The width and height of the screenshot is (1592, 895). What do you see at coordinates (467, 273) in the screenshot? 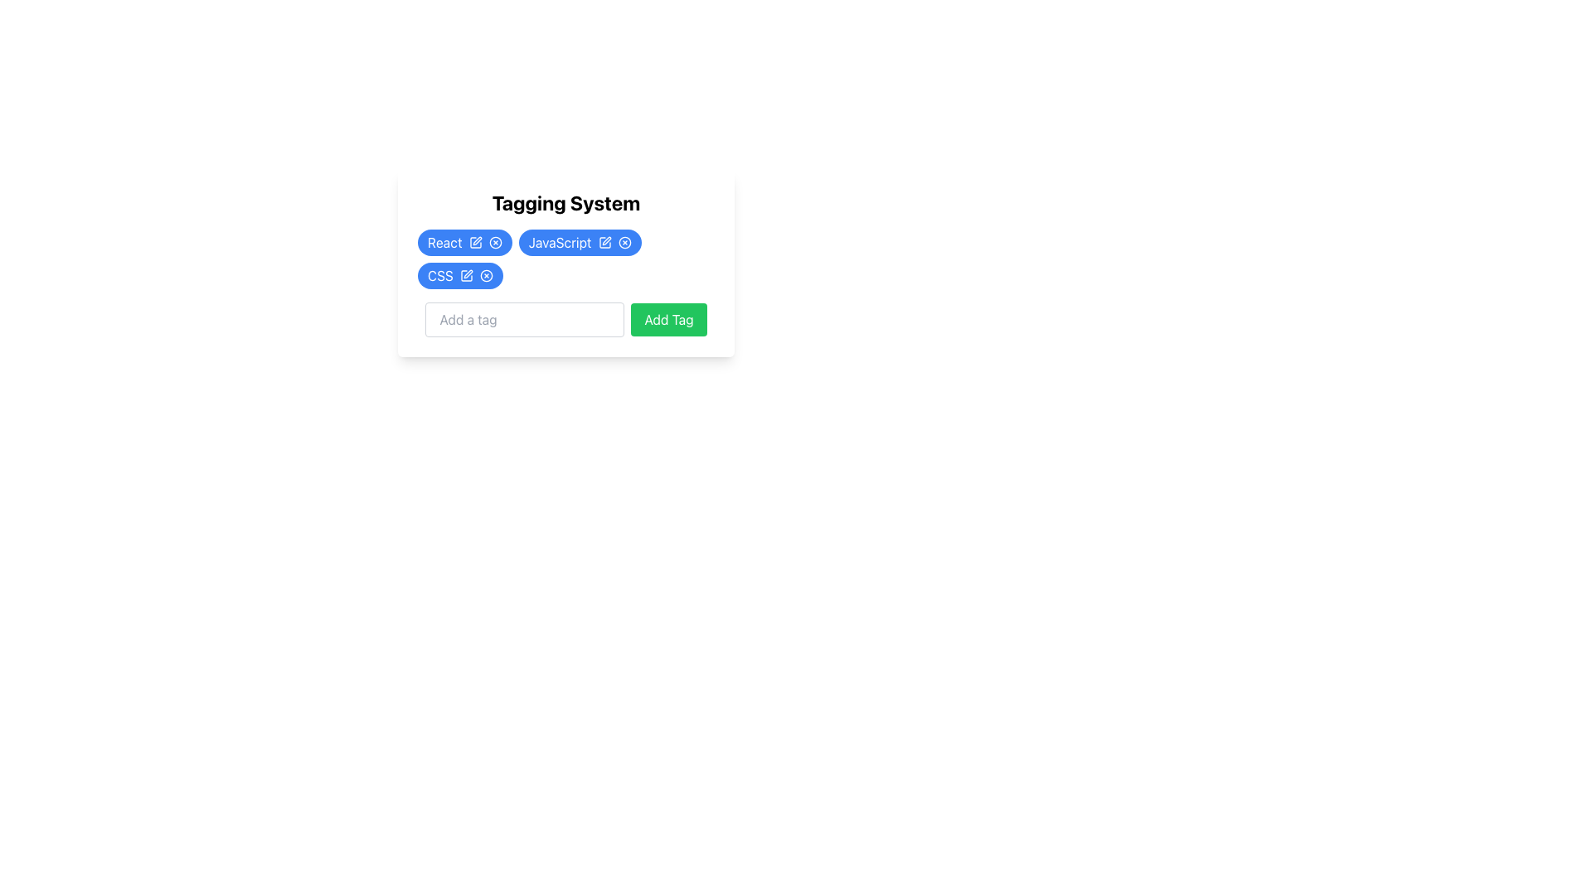
I see `the edit icon associated with the 'CSS' tag` at bounding box center [467, 273].